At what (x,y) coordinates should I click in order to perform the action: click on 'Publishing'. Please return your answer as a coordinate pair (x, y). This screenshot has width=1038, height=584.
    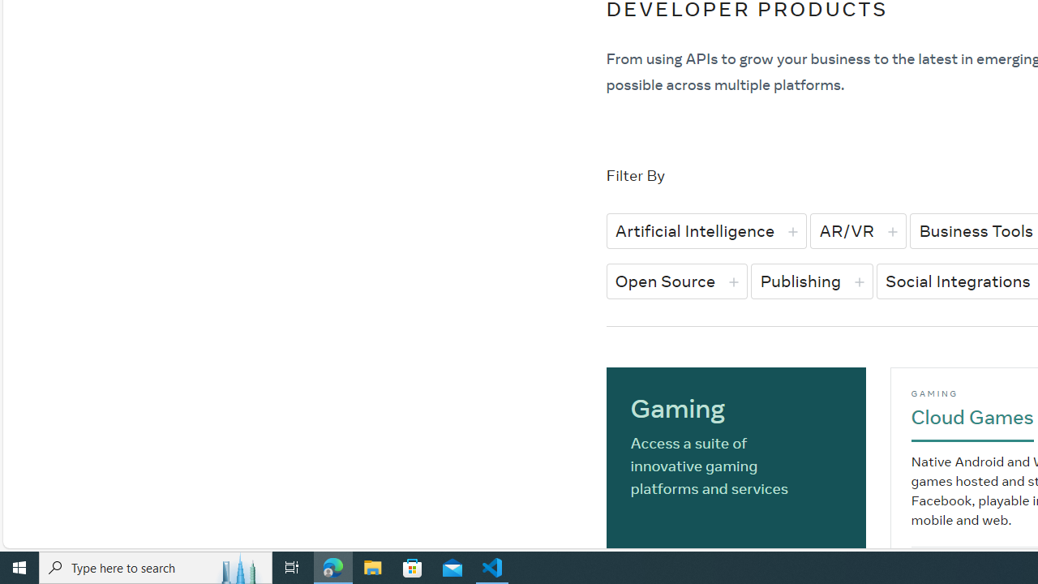
    Looking at the image, I should click on (812, 280).